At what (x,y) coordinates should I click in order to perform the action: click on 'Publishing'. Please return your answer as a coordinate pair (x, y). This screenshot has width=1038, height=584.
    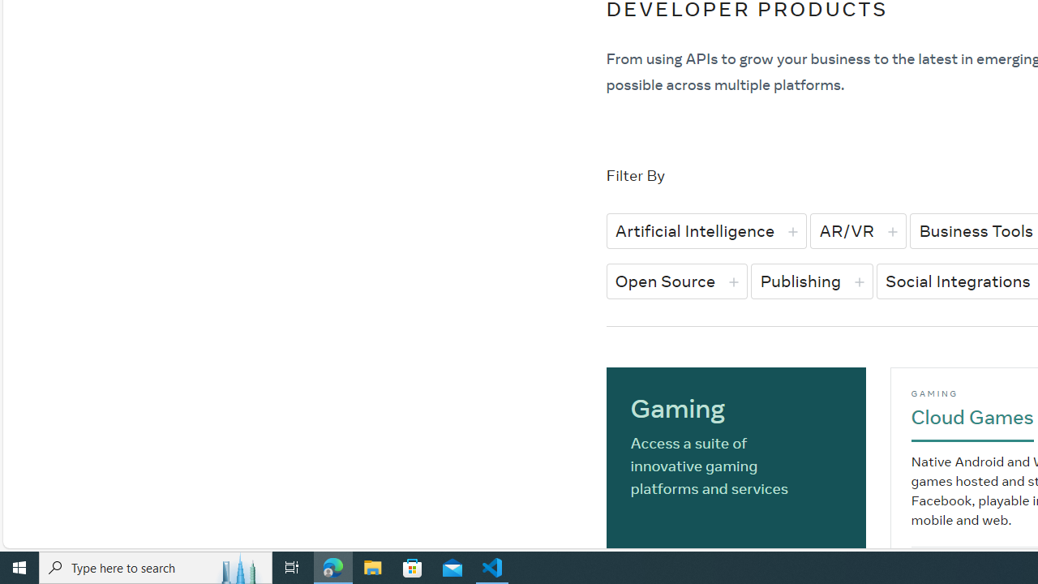
    Looking at the image, I should click on (812, 280).